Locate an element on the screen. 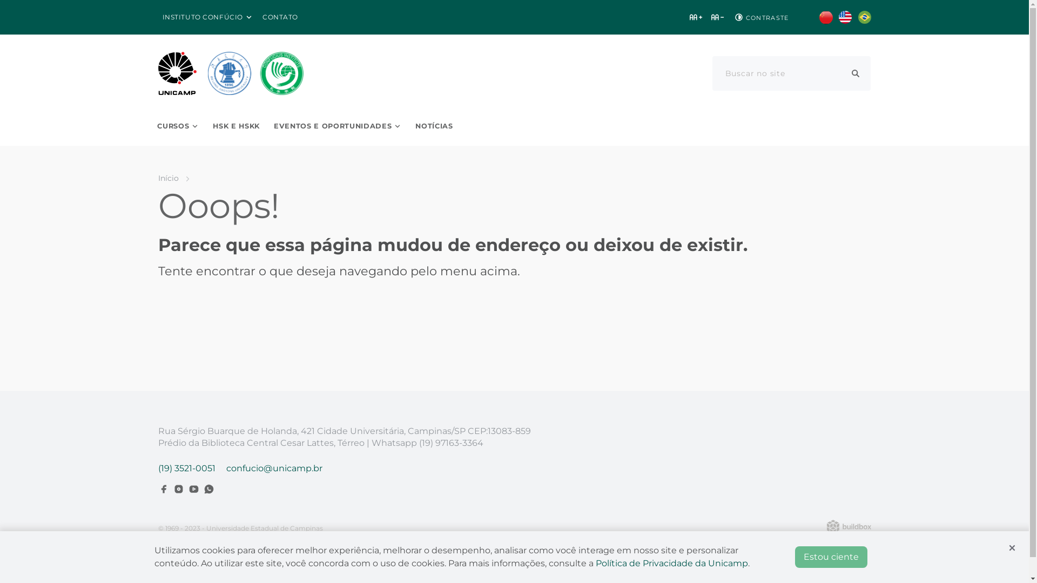 The height and width of the screenshot is (583, 1037). 'Chinese (Simplified)' is located at coordinates (824, 17).